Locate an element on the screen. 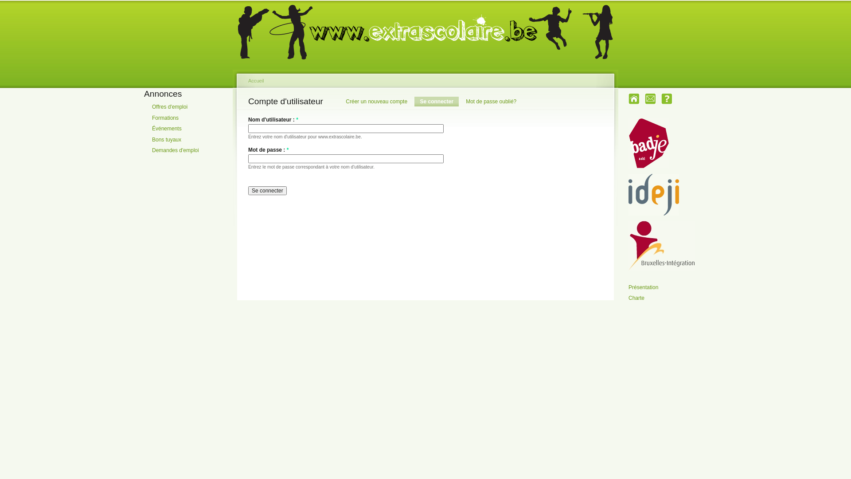 The height and width of the screenshot is (479, 851). 'Offres d'emploi' is located at coordinates (191, 106).